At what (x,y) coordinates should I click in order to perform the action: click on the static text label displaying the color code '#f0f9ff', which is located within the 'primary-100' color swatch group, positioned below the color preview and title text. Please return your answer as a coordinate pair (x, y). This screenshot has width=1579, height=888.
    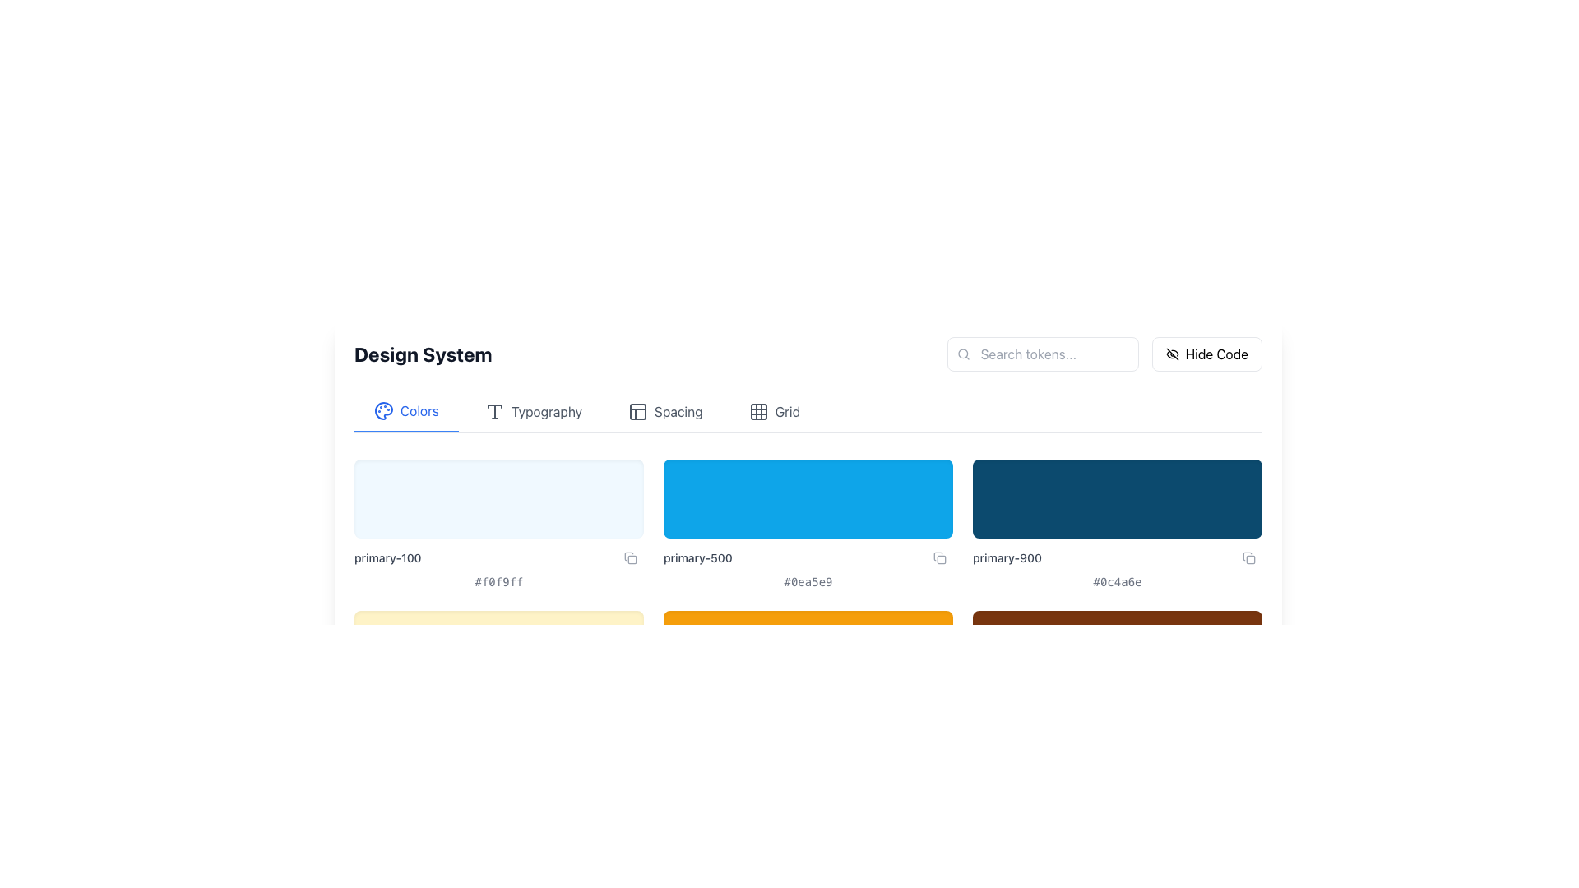
    Looking at the image, I should click on (498, 581).